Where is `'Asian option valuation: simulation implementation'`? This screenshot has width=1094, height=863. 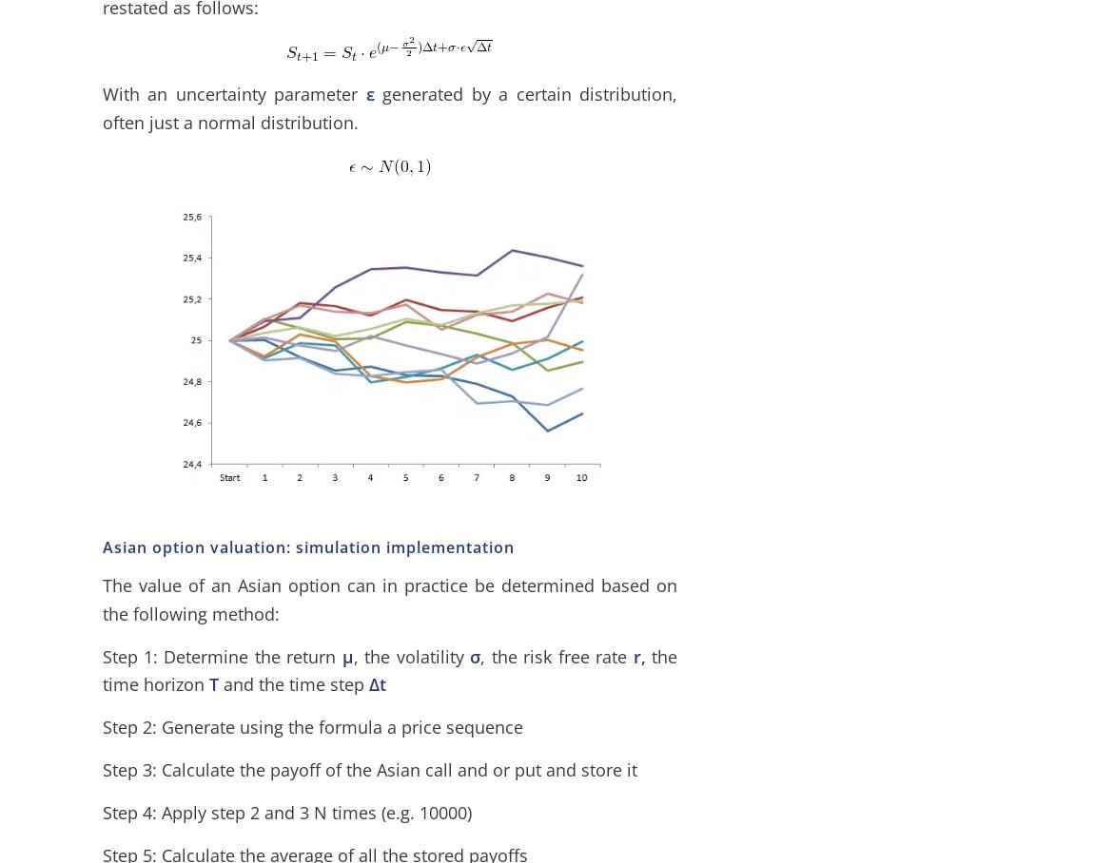 'Asian option valuation: simulation implementation' is located at coordinates (100, 547).